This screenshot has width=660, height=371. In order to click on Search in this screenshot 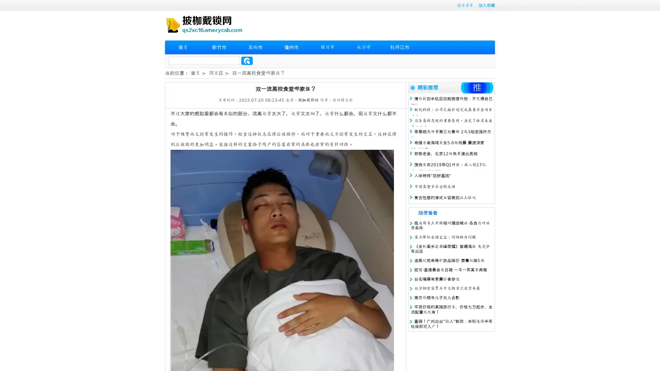, I will do `click(247, 60)`.